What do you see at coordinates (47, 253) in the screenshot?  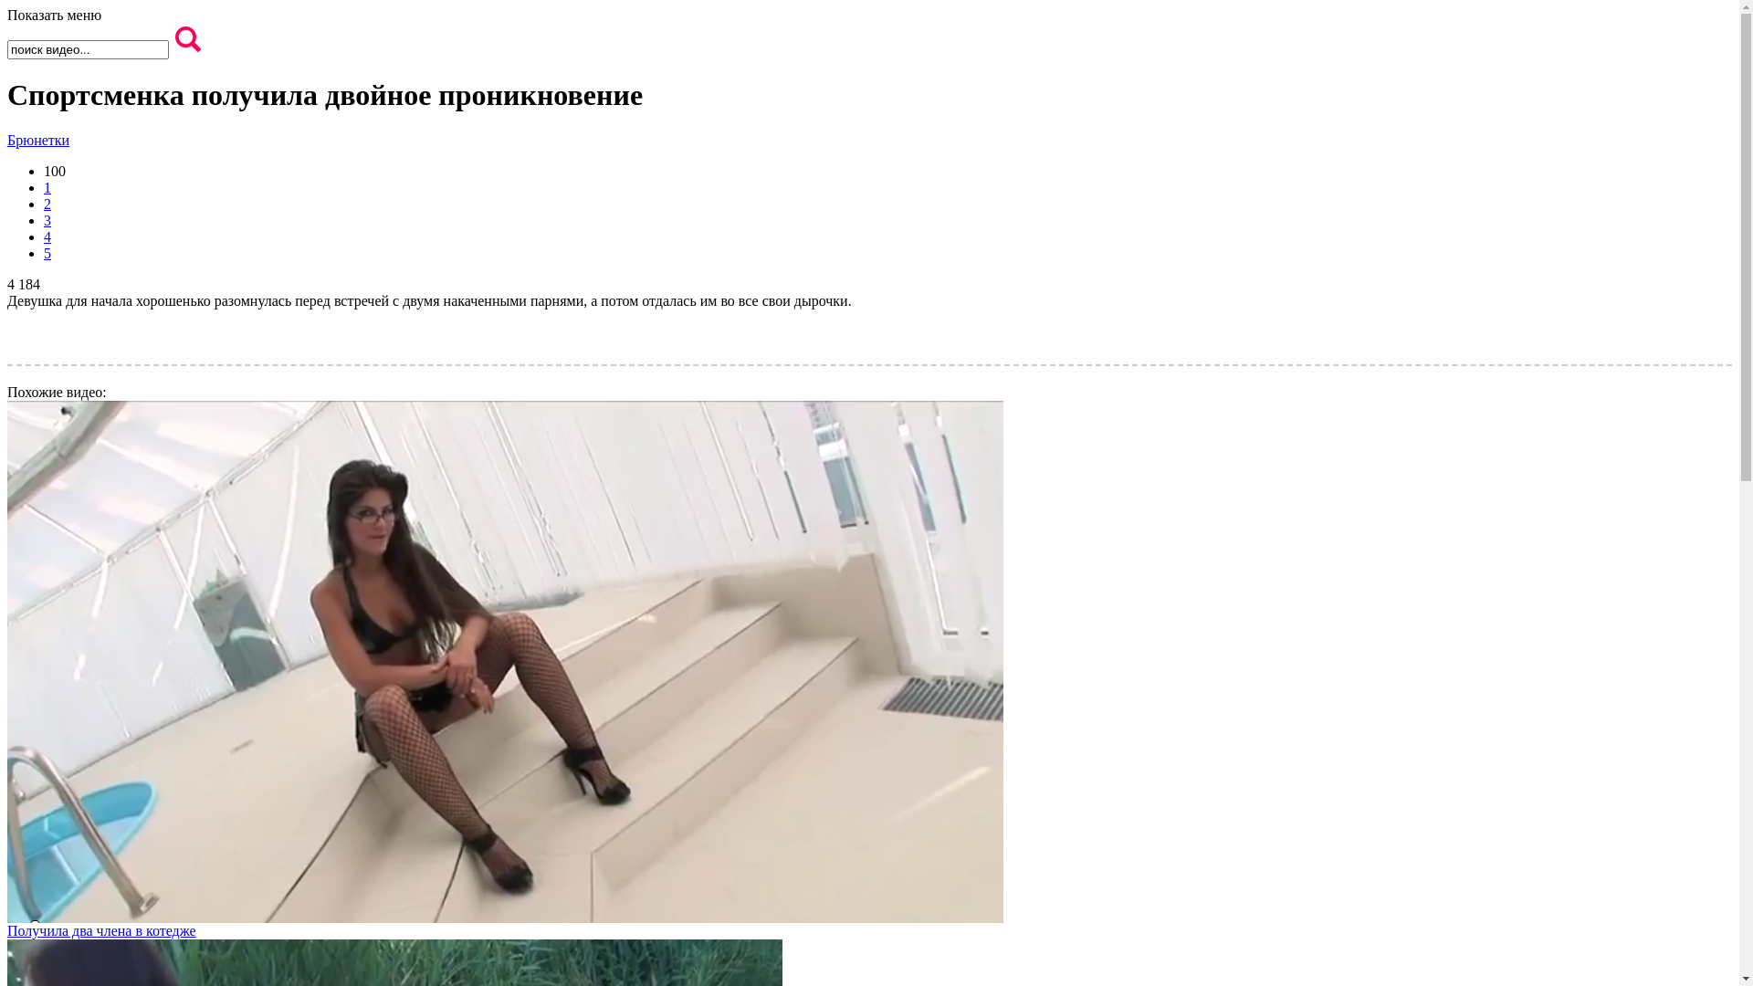 I see `'5'` at bounding box center [47, 253].